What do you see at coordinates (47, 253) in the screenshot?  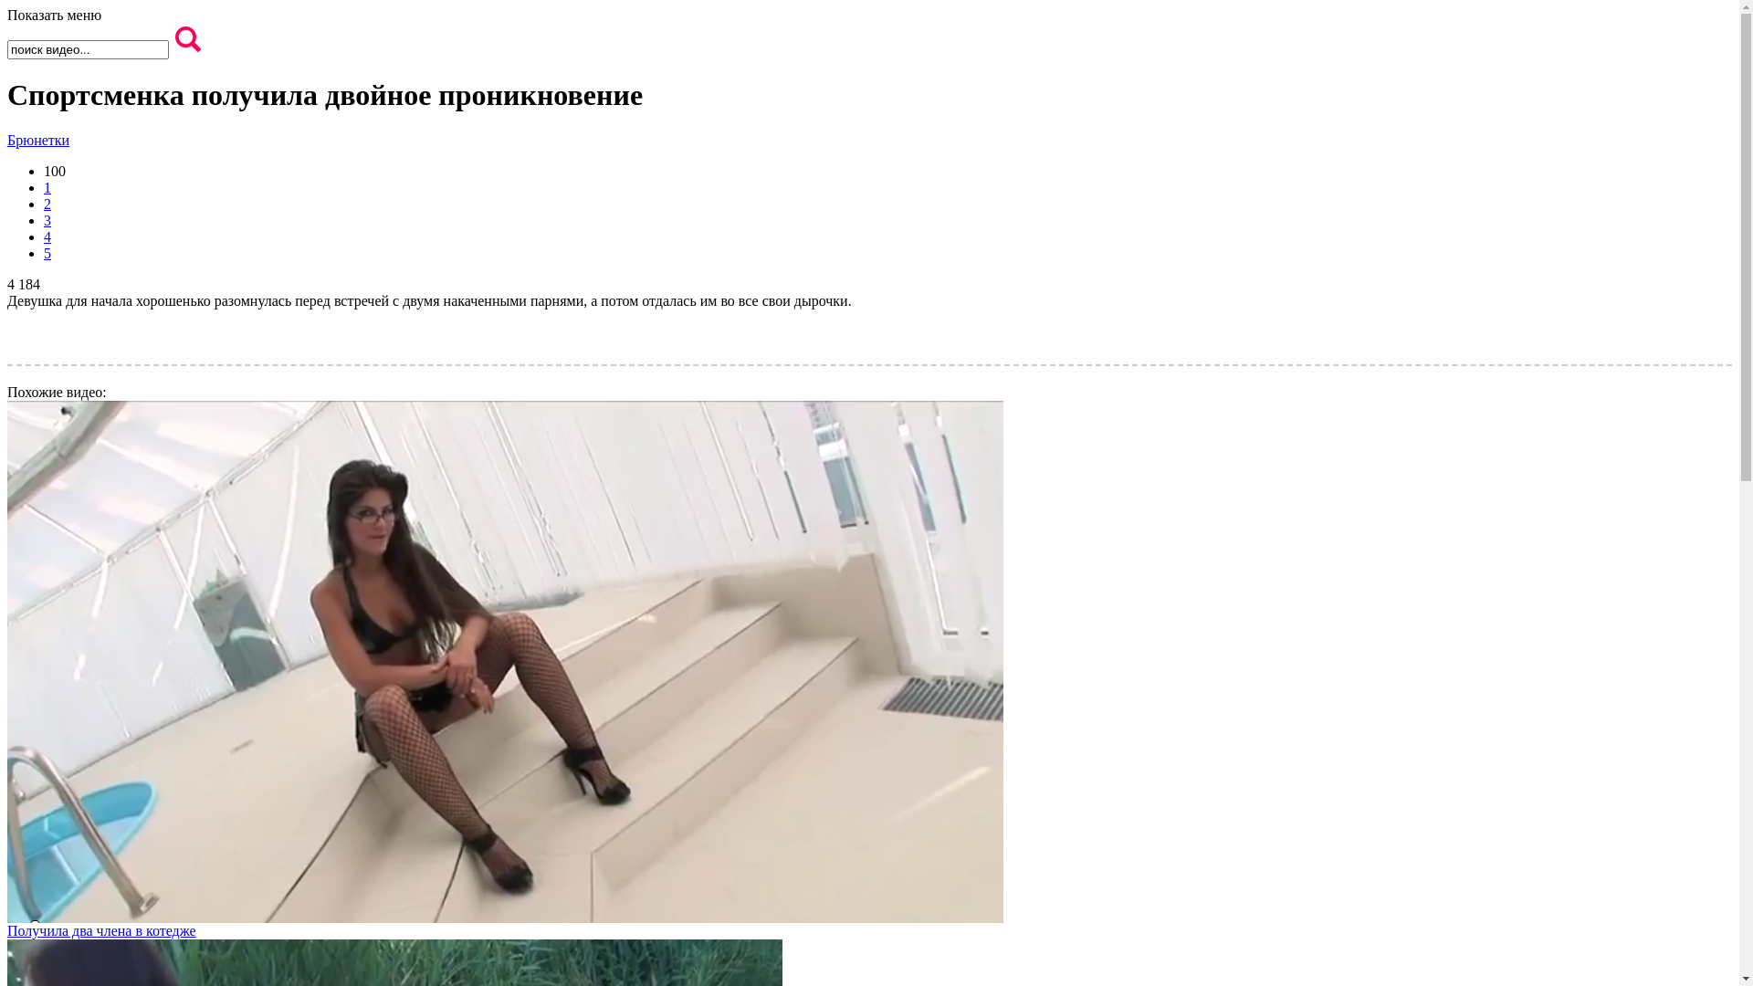 I see `'5'` at bounding box center [47, 253].